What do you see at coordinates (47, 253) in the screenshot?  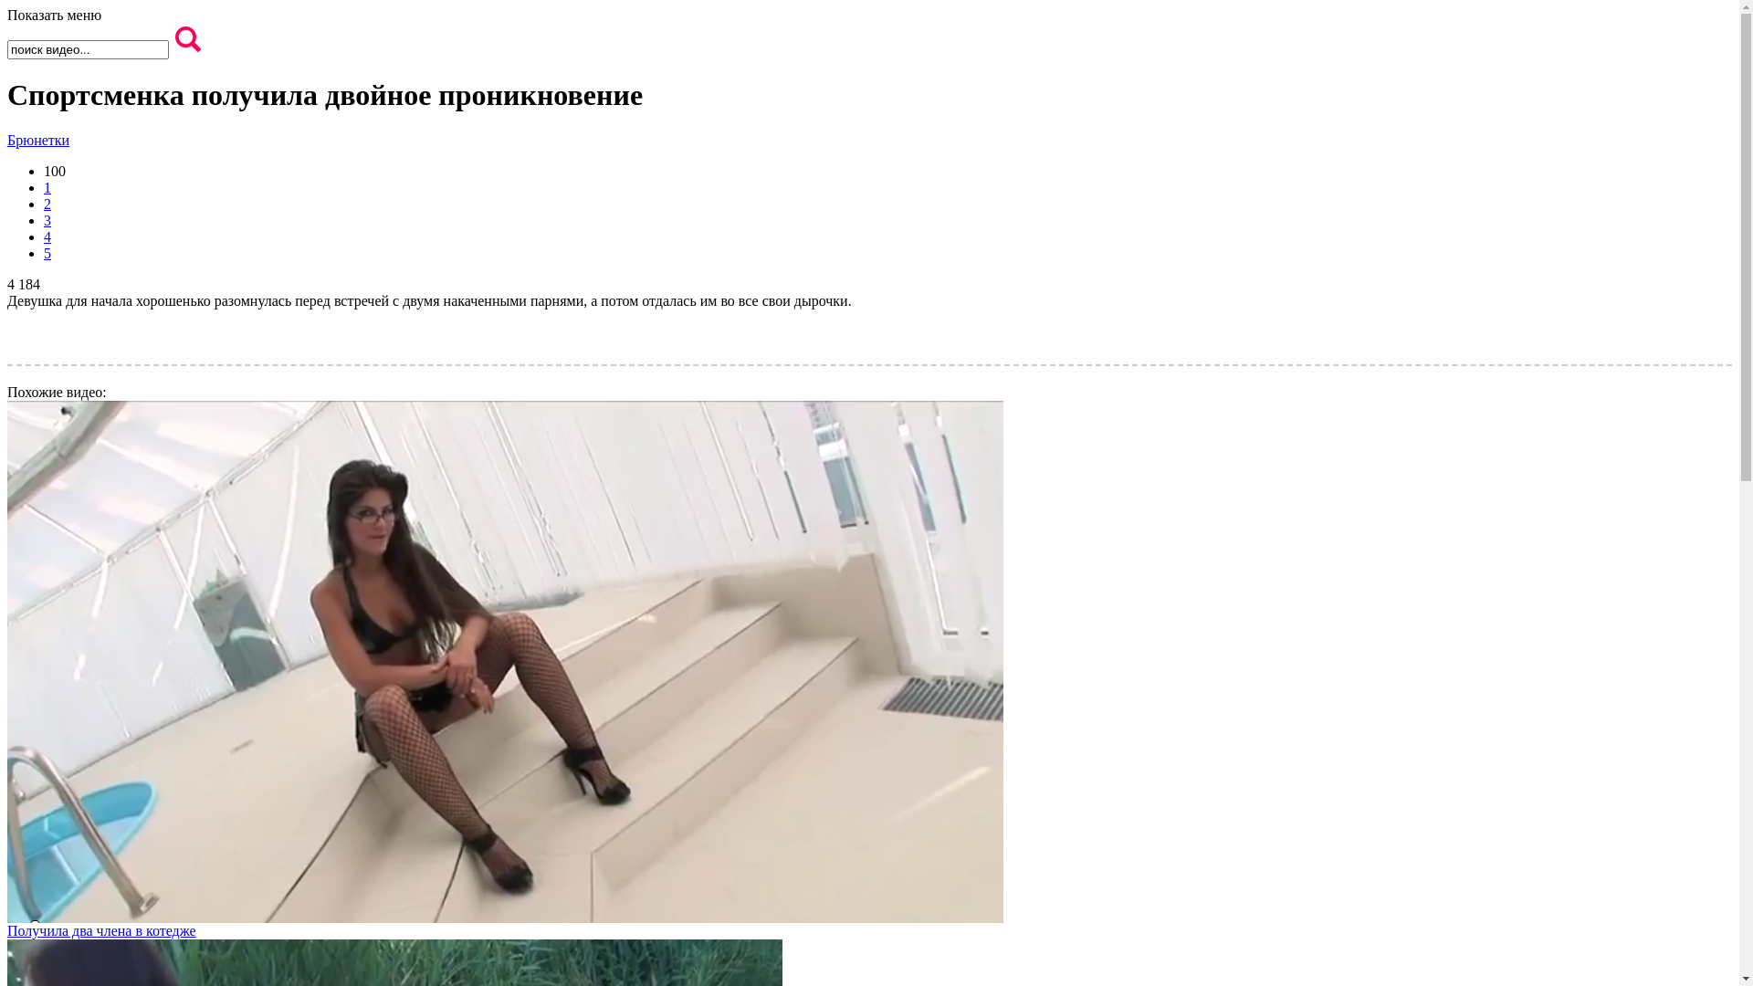 I see `'5'` at bounding box center [47, 253].